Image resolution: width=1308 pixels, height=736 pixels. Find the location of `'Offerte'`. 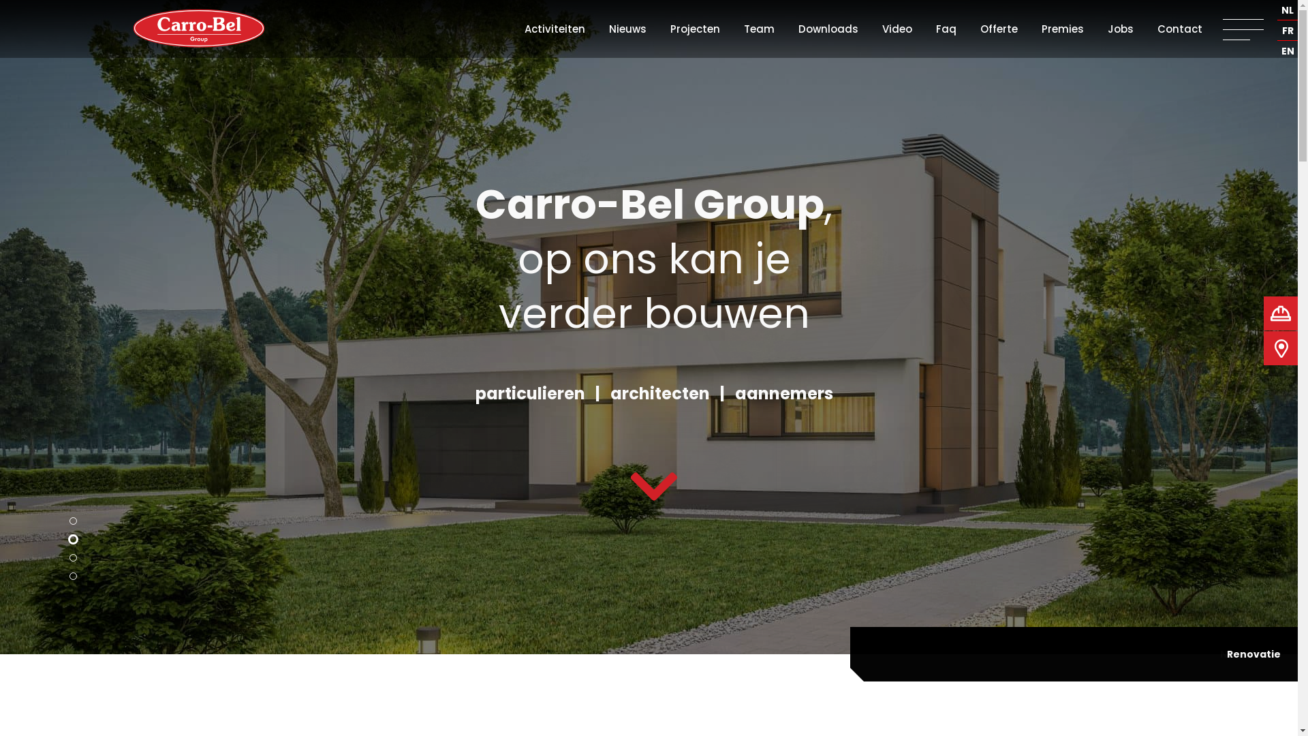

'Offerte' is located at coordinates (999, 29).